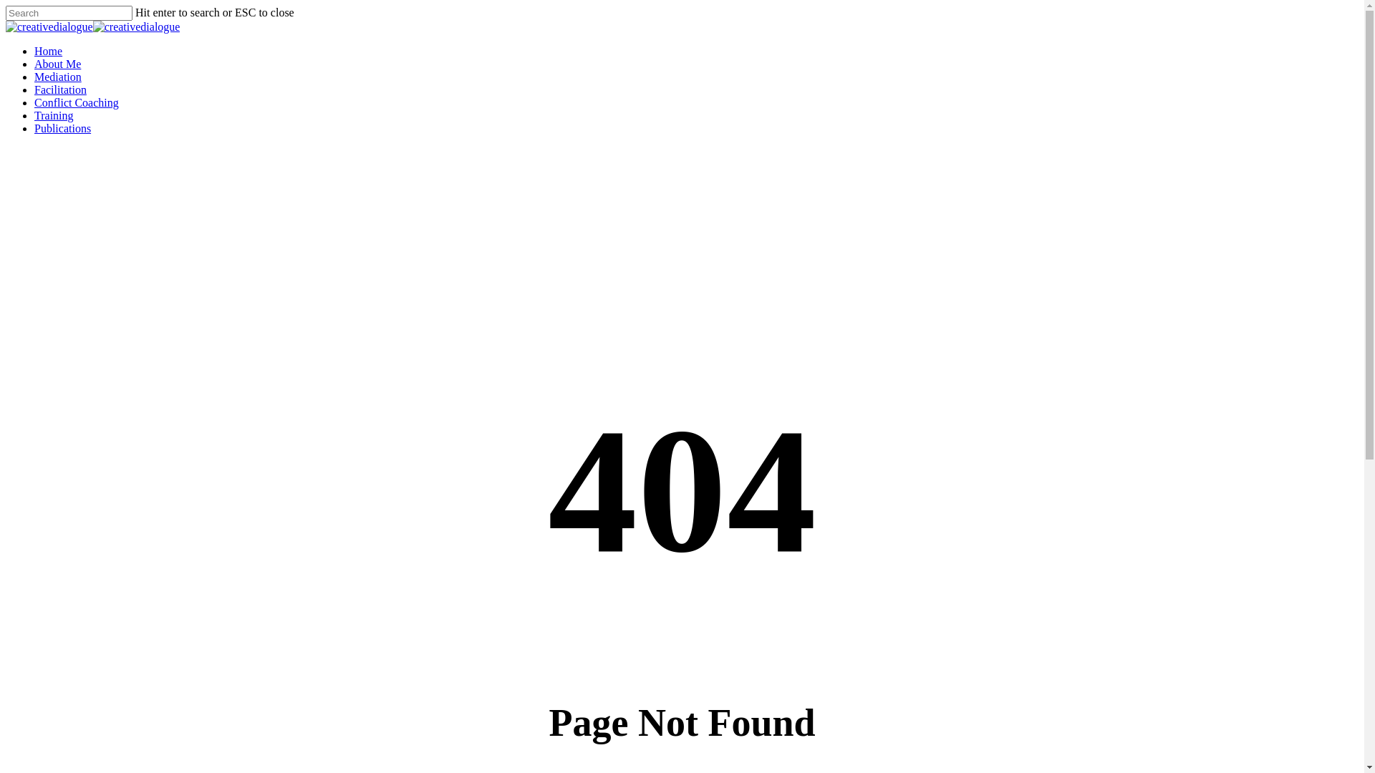 This screenshot has height=773, width=1375. I want to click on 'Home', so click(48, 50).